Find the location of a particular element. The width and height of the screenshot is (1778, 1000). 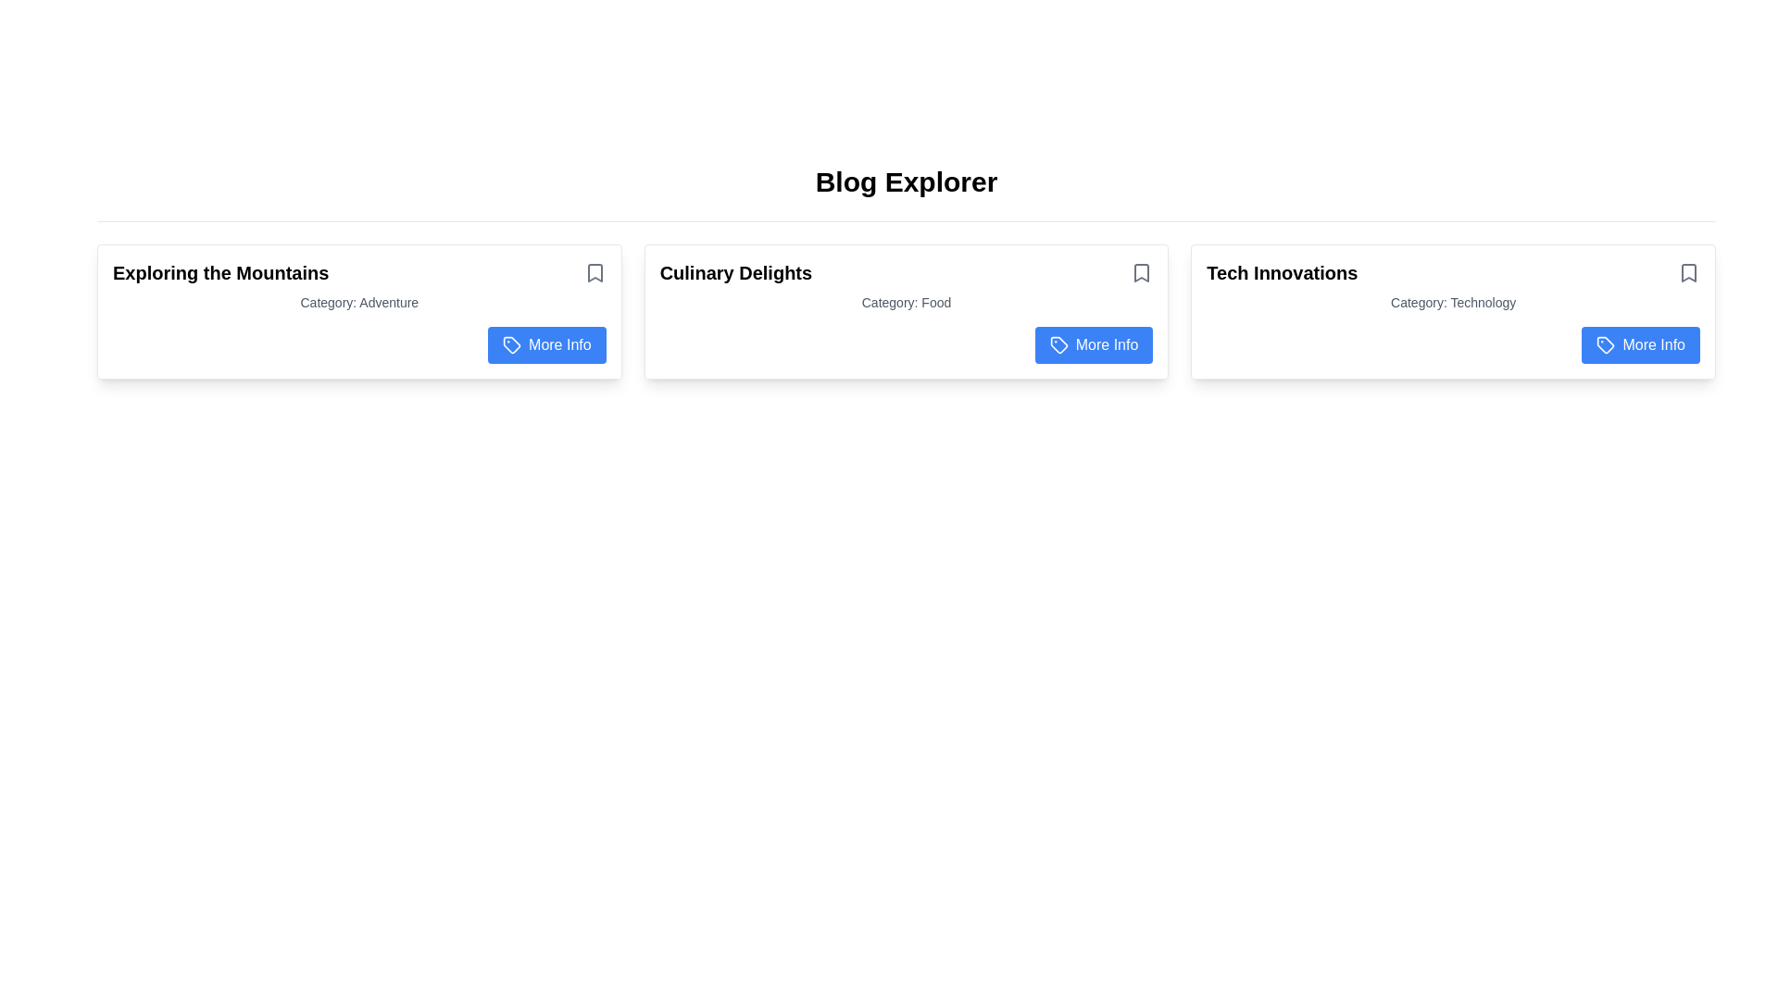

the informational text label indicating the category 'Food', which is located below the title 'Culinary Delights' in the center card of a three-card layout is located at coordinates (907, 302).